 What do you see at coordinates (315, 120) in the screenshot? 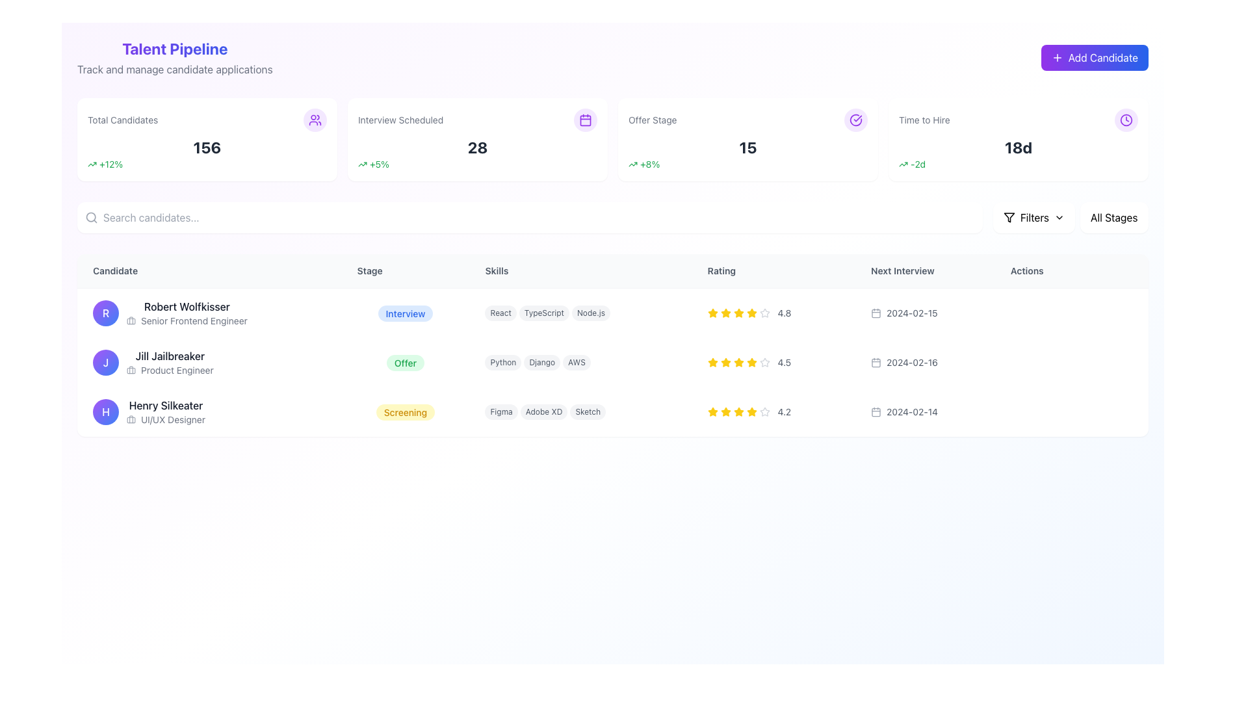
I see `the small icon depicting a group of people, which is located in the top center of the interface within a summary card representing the total number of candidates` at bounding box center [315, 120].